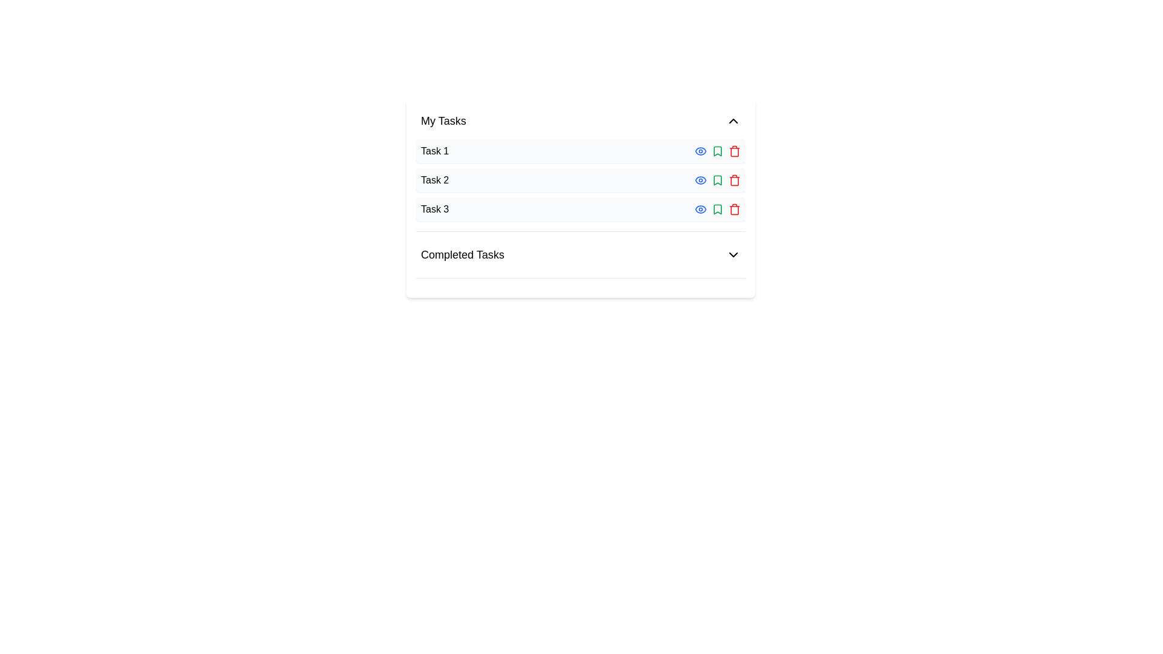 This screenshot has width=1163, height=654. I want to click on the Dropdown toggle (Chevron icon) to trigger hover effects, which is located at the far right of the 'Completed Tasks' label, so click(732, 254).